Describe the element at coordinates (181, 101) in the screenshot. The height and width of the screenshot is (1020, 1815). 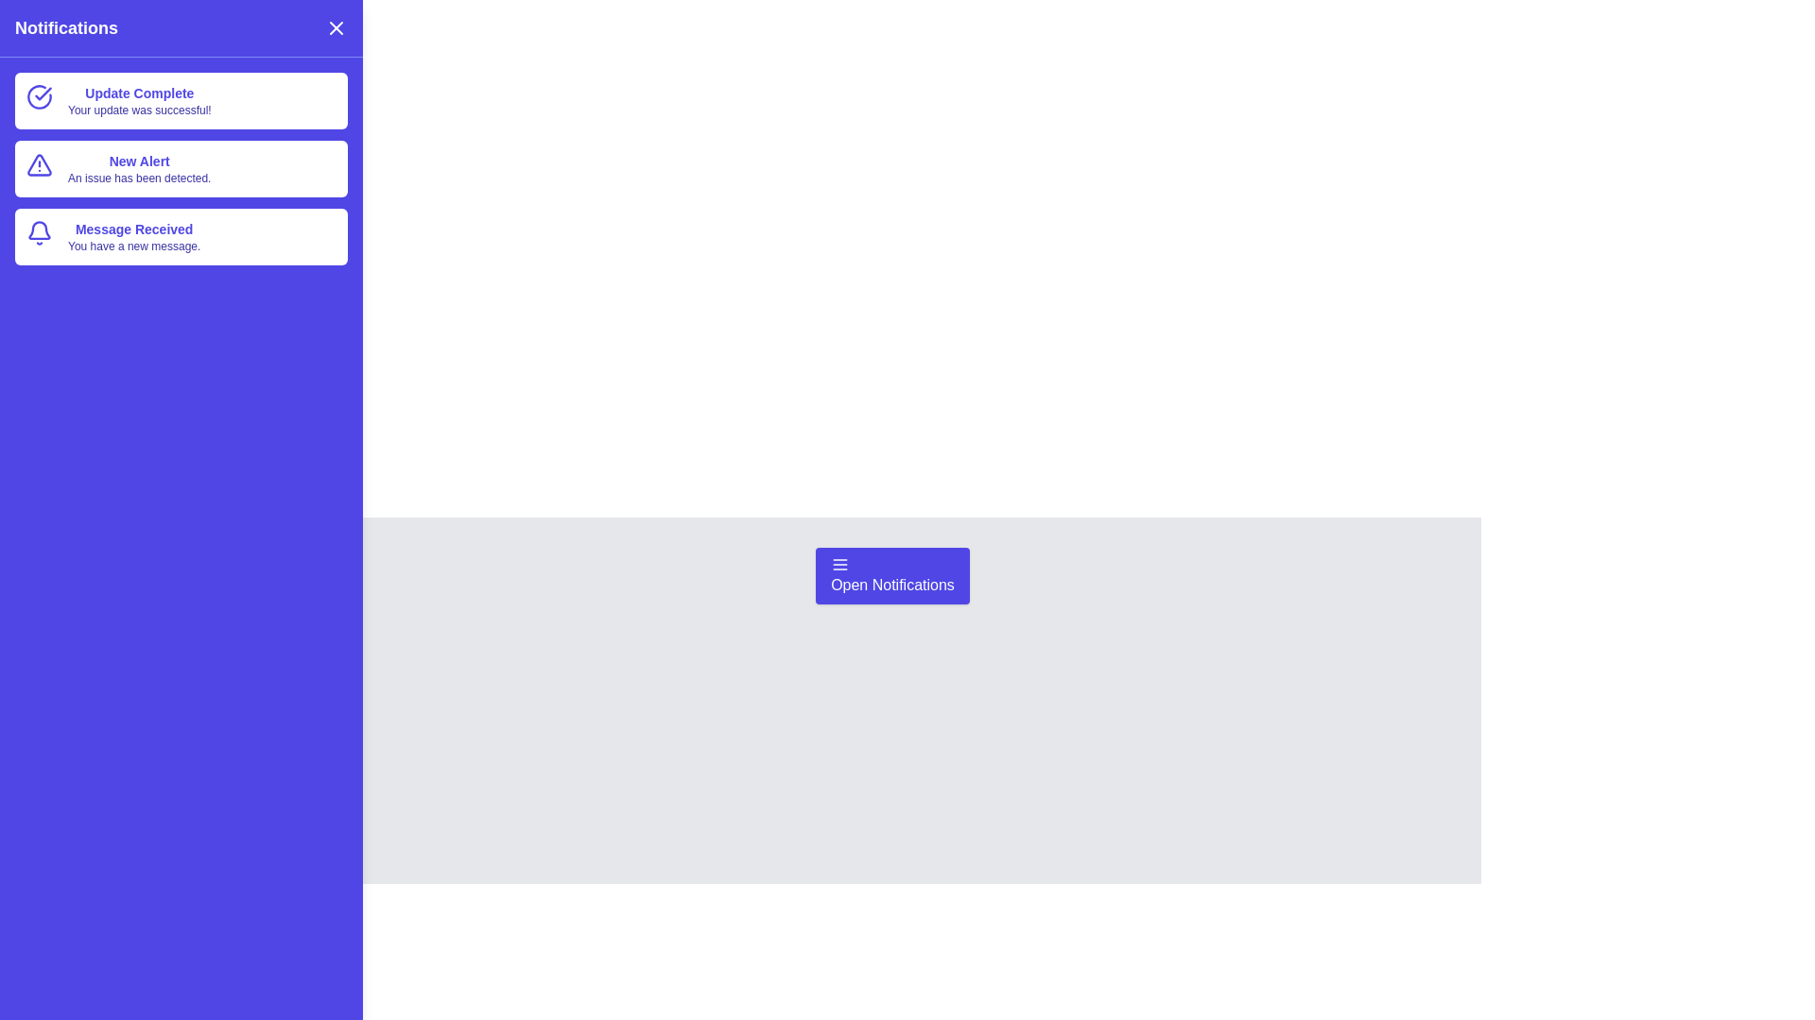
I see `the button corresponding to Update Complete` at that location.